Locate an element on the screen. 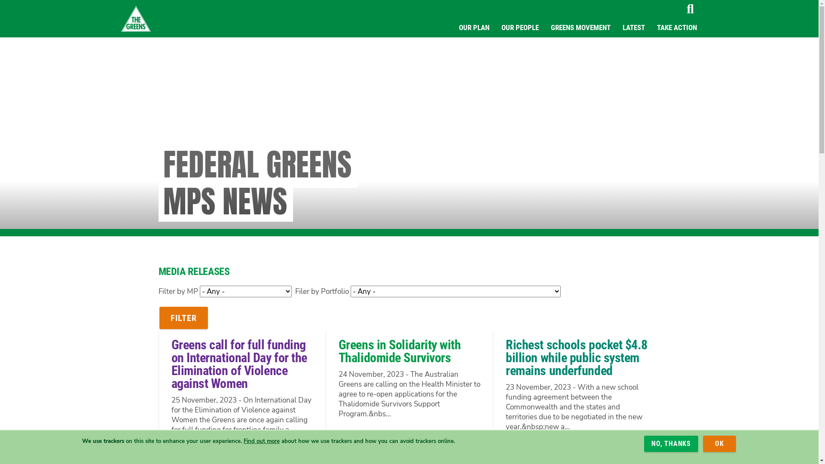 The width and height of the screenshot is (825, 464). 'Skip to main content' is located at coordinates (0, 0).